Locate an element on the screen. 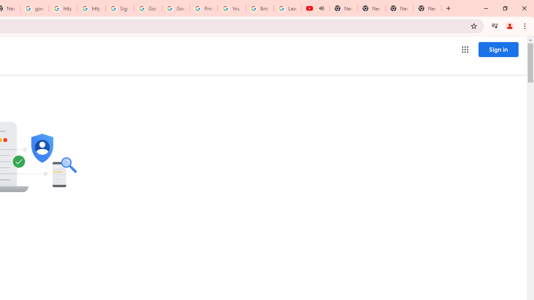 This screenshot has height=300, width=534. 'https://scholar.google.com/' is located at coordinates (63, 8).